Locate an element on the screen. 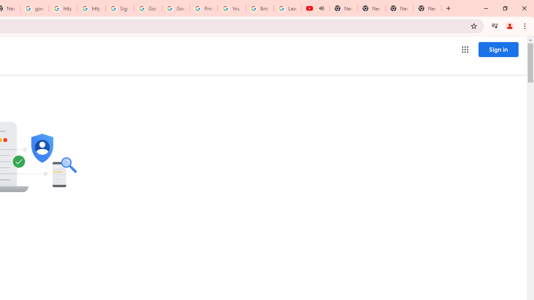 This screenshot has height=300, width=534. 'https://scholar.google.com/' is located at coordinates (63, 8).